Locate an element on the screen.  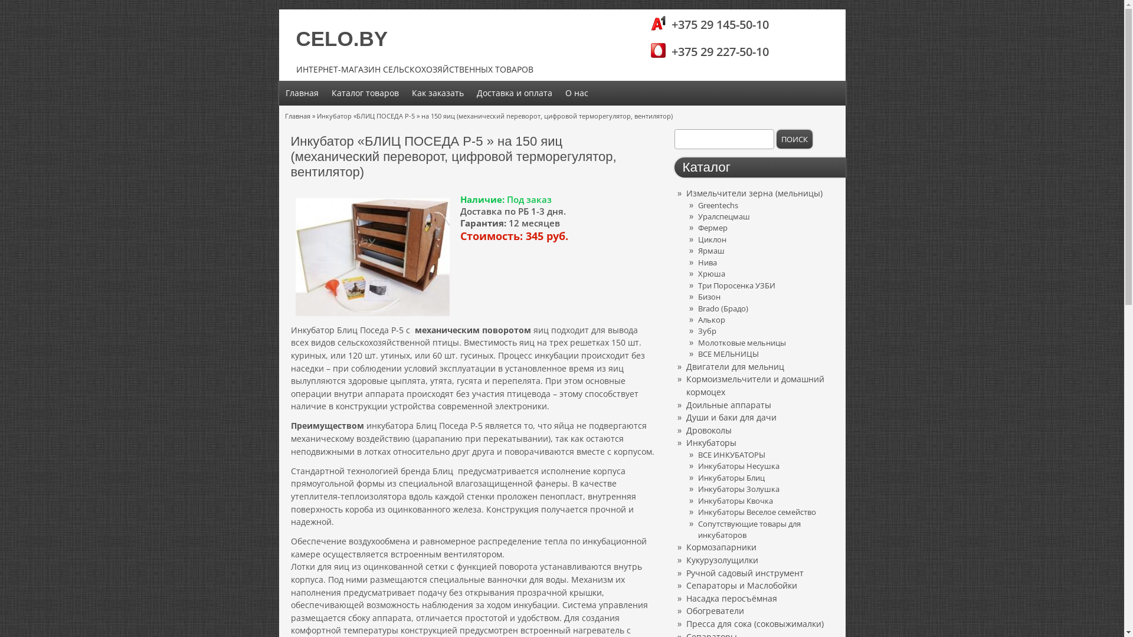
'+375 29 227-50-10' is located at coordinates (711, 51).